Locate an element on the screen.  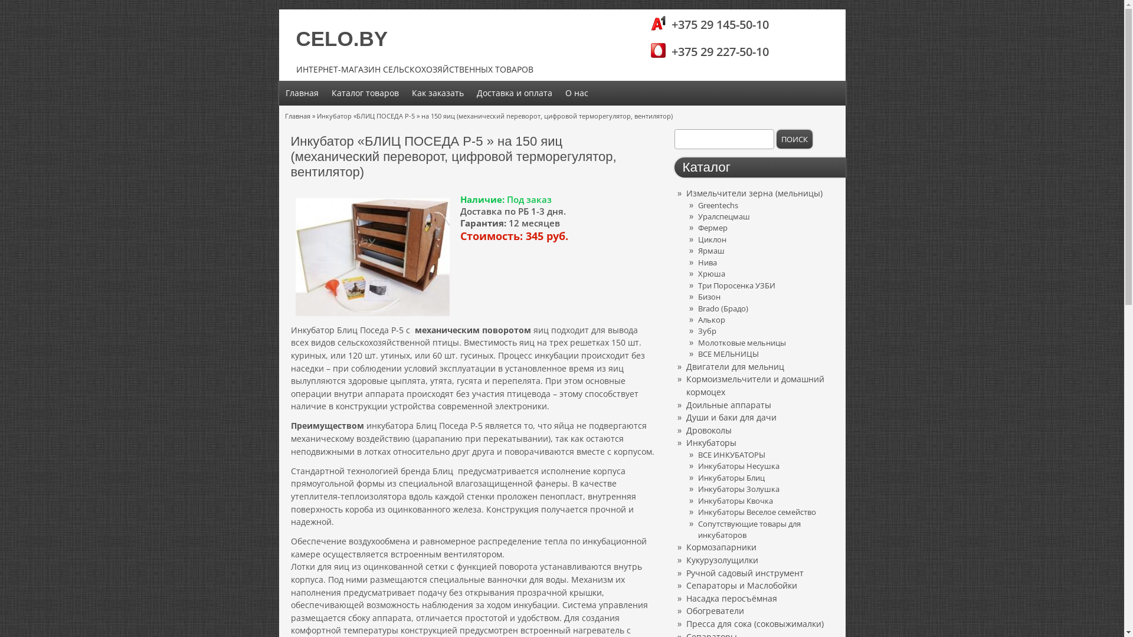
'+375 29 227-50-10' is located at coordinates (711, 51).